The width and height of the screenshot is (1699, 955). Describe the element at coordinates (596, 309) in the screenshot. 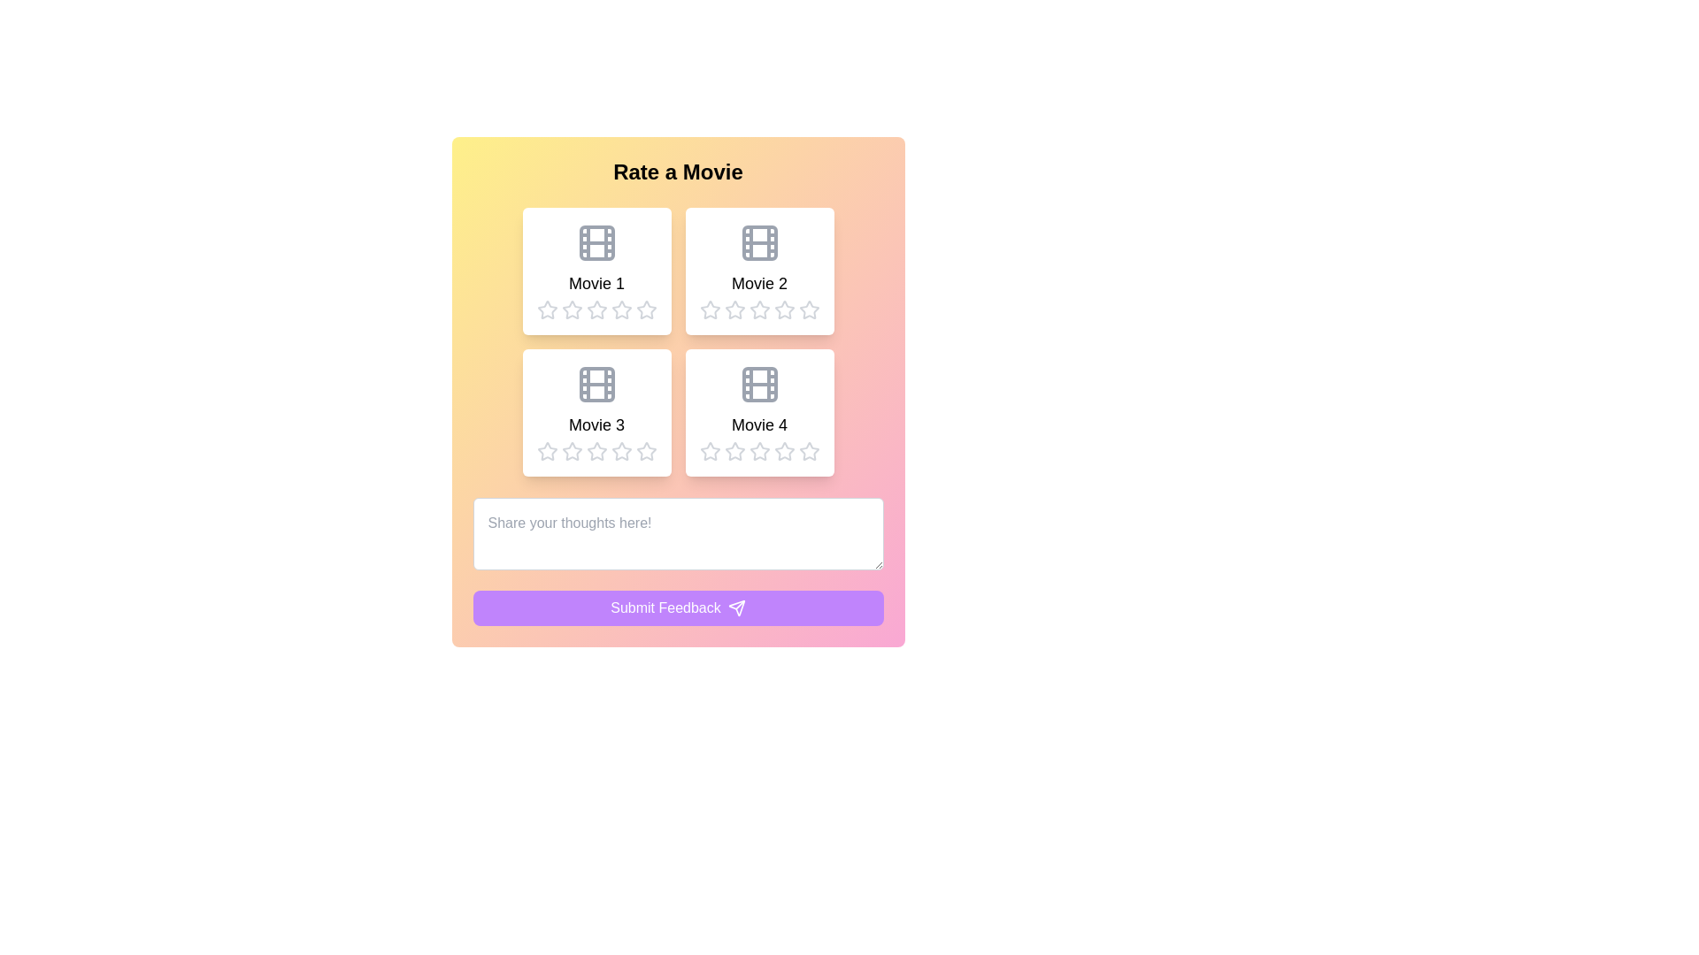

I see `the star icon used for rating 'Movie 1', which is the second star in a row of five stars` at that location.